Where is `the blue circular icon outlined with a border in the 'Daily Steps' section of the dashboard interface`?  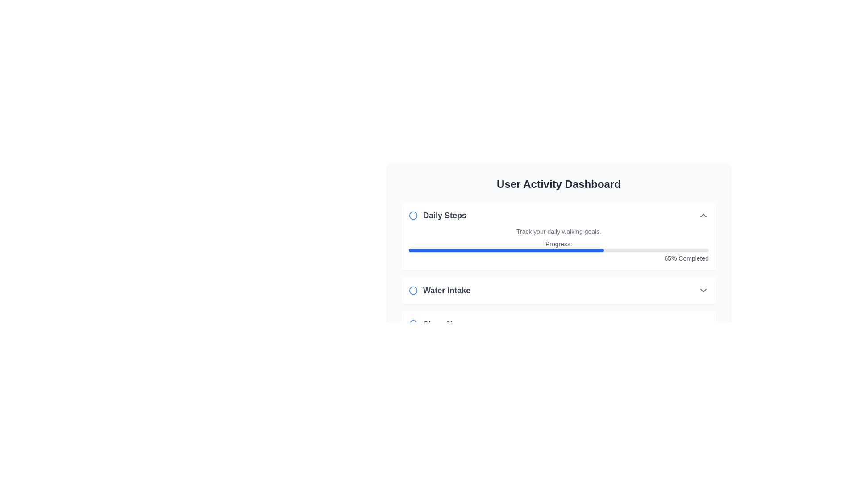 the blue circular icon outlined with a border in the 'Daily Steps' section of the dashboard interface is located at coordinates (413, 215).